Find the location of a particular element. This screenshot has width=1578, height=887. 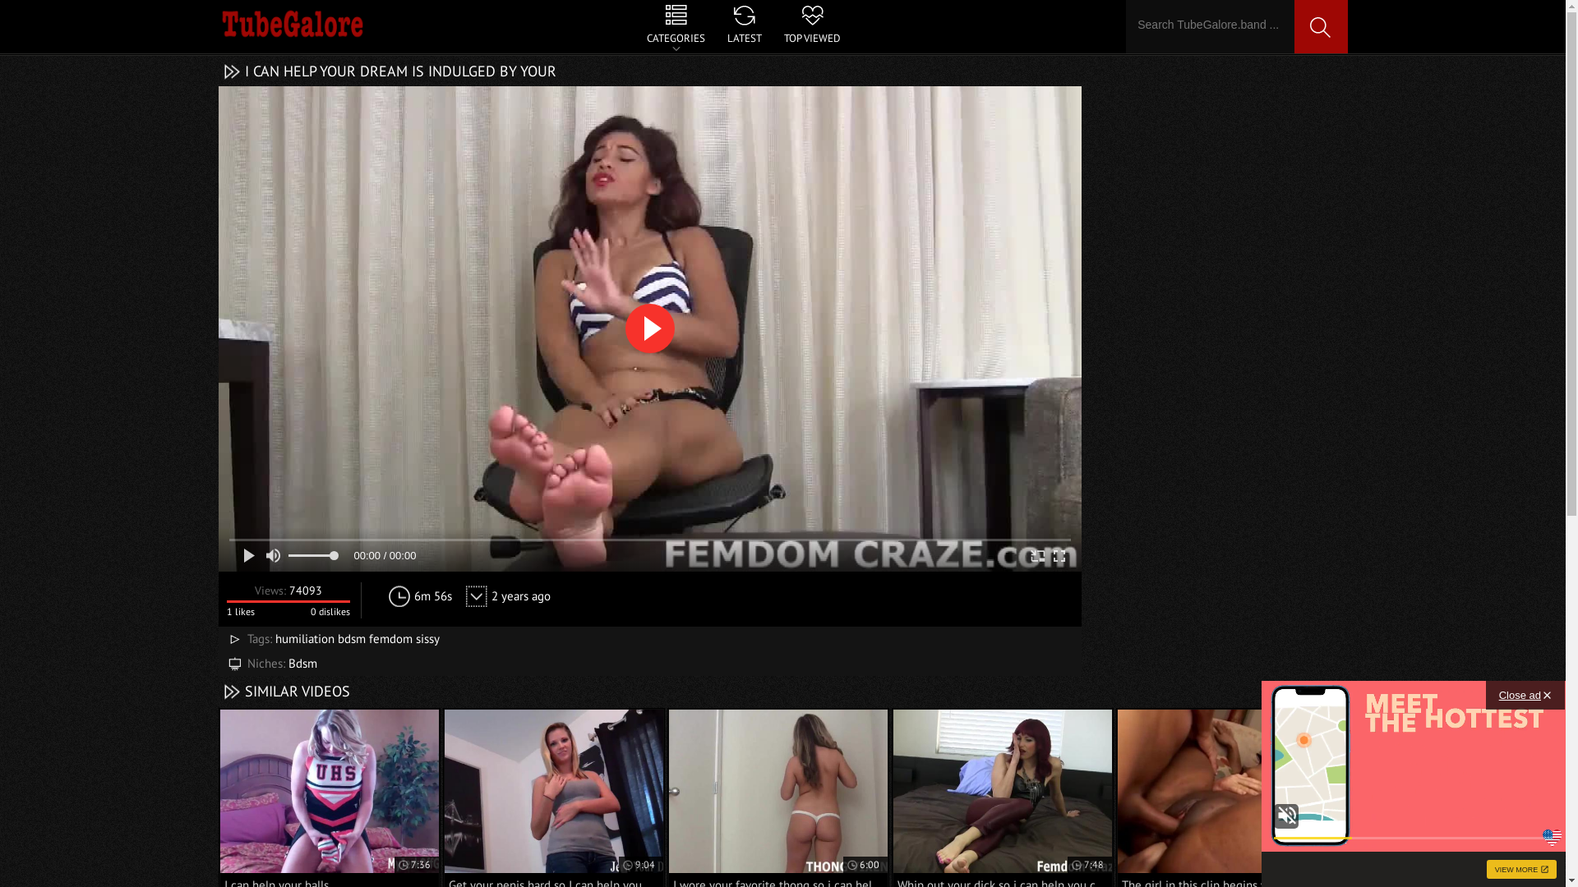

'TOP VIEWED' is located at coordinates (812, 26).